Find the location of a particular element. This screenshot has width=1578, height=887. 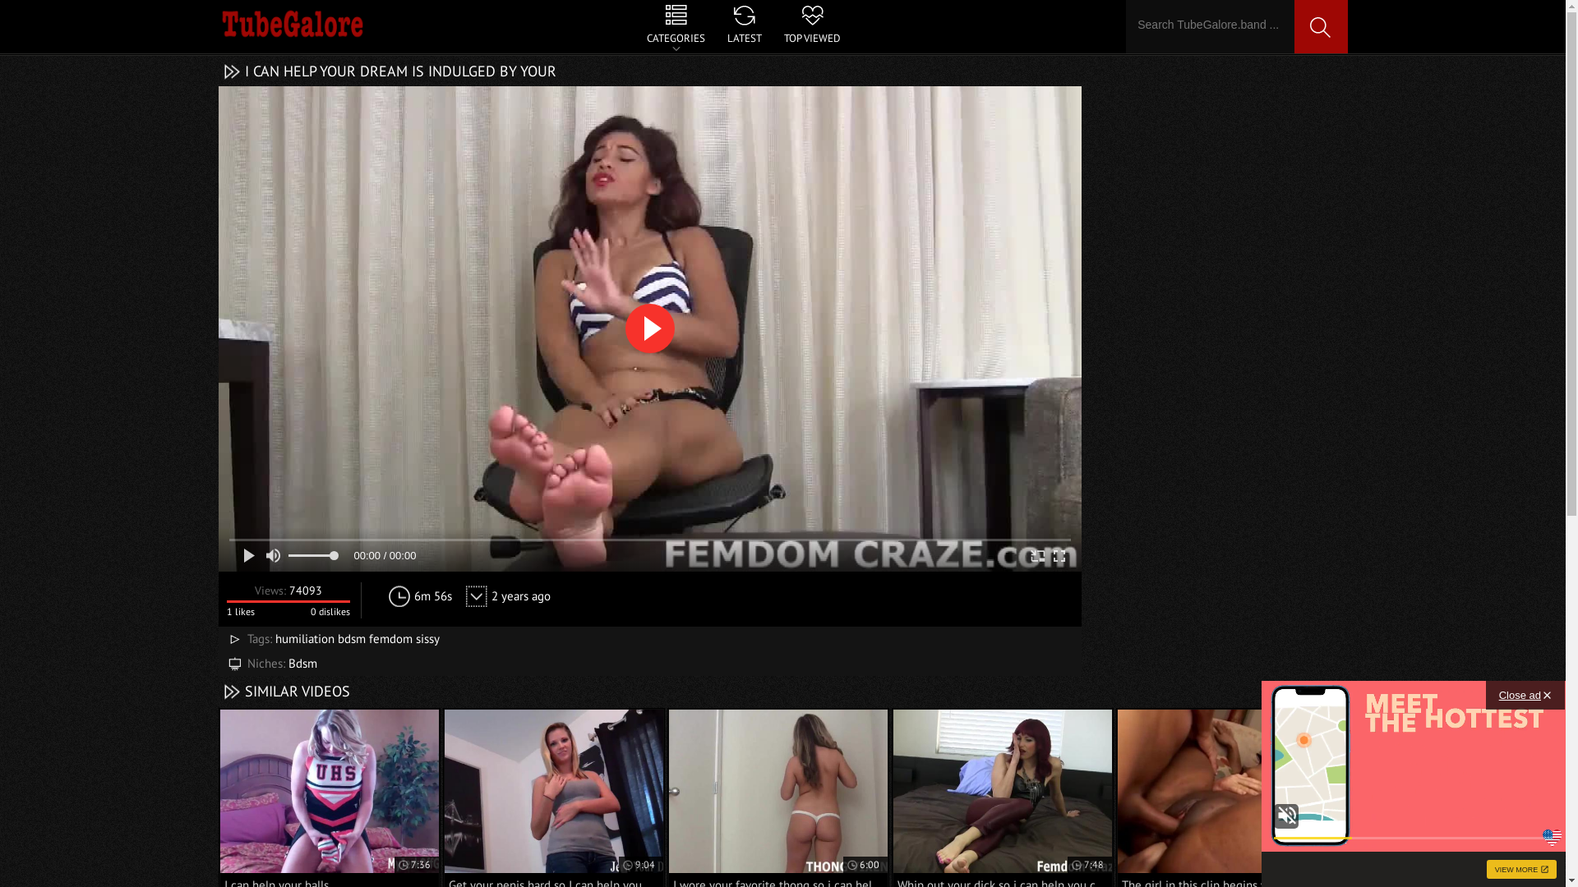

'TOP VIEWED' is located at coordinates (812, 26).